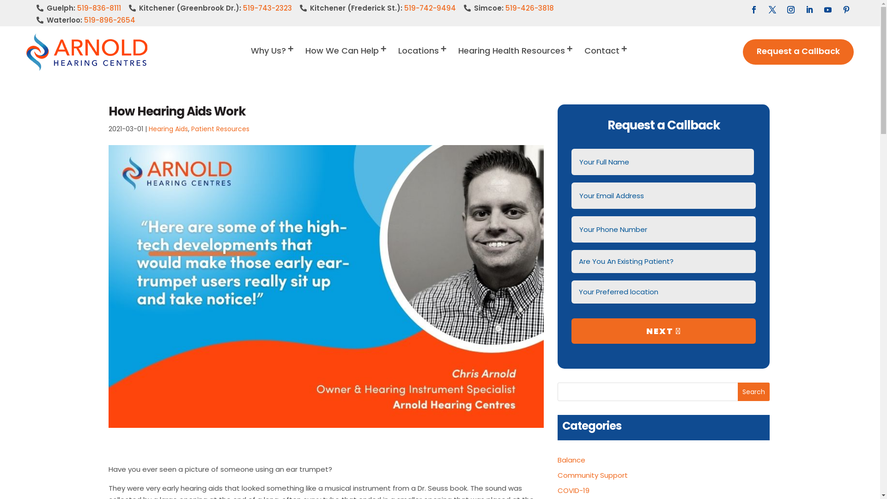  Describe the element at coordinates (267, 8) in the screenshot. I see `'519-743-2323'` at that location.